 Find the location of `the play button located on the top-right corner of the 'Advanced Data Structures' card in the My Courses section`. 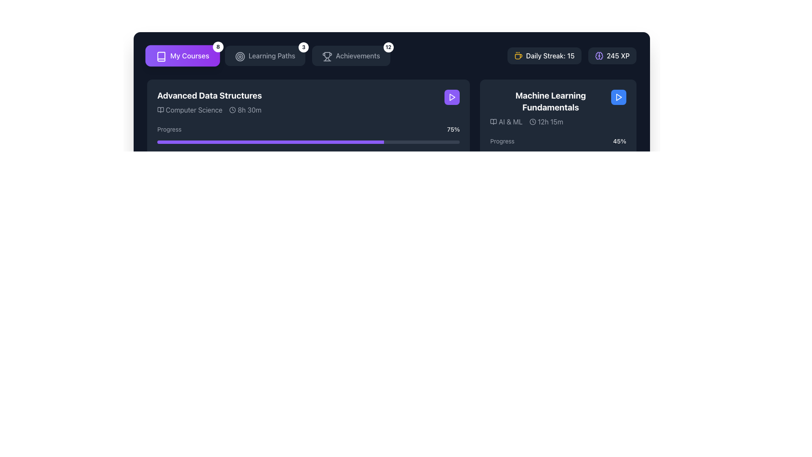

the play button located on the top-right corner of the 'Advanced Data Structures' card in the My Courses section is located at coordinates (452, 97).